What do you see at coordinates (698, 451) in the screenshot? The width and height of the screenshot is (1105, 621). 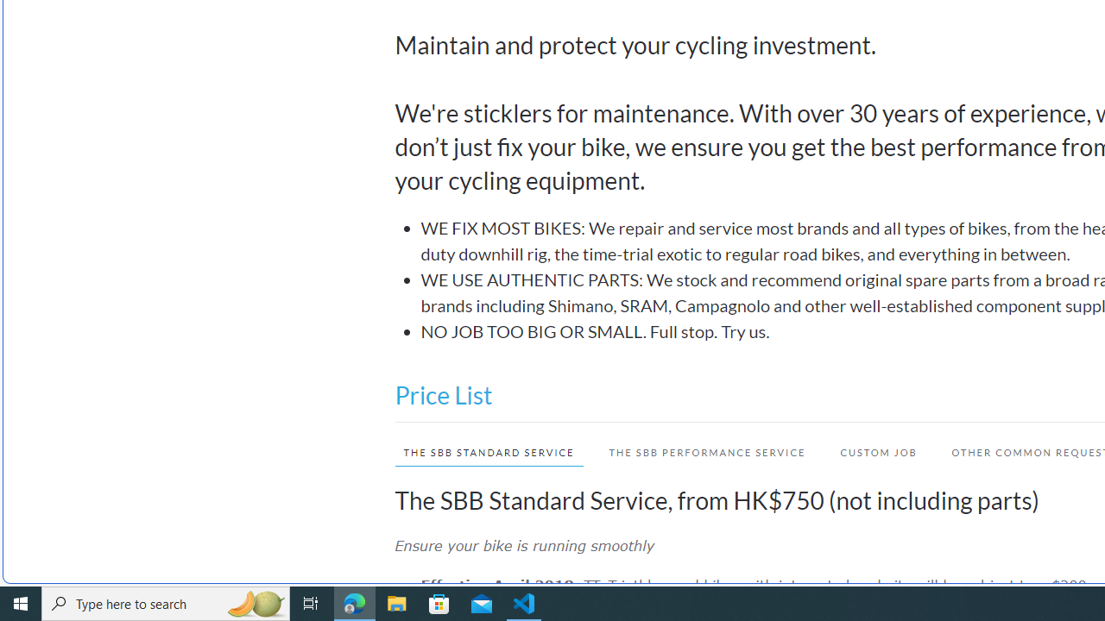 I see `'THE SBB PERFORMANCE SERVICE'` at bounding box center [698, 451].